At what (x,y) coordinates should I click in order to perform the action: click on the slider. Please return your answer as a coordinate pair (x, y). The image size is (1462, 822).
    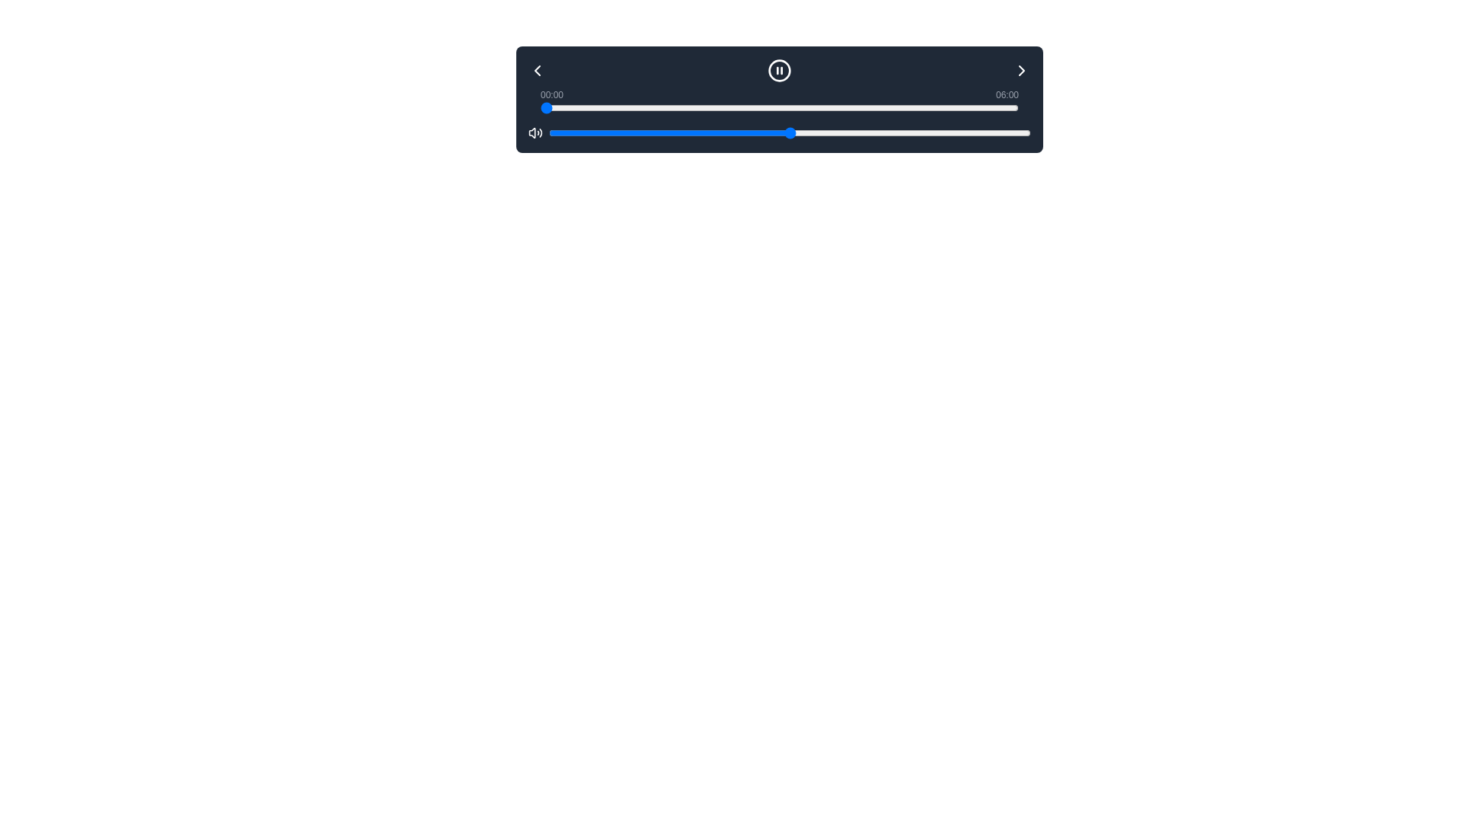
    Looking at the image, I should click on (674, 107).